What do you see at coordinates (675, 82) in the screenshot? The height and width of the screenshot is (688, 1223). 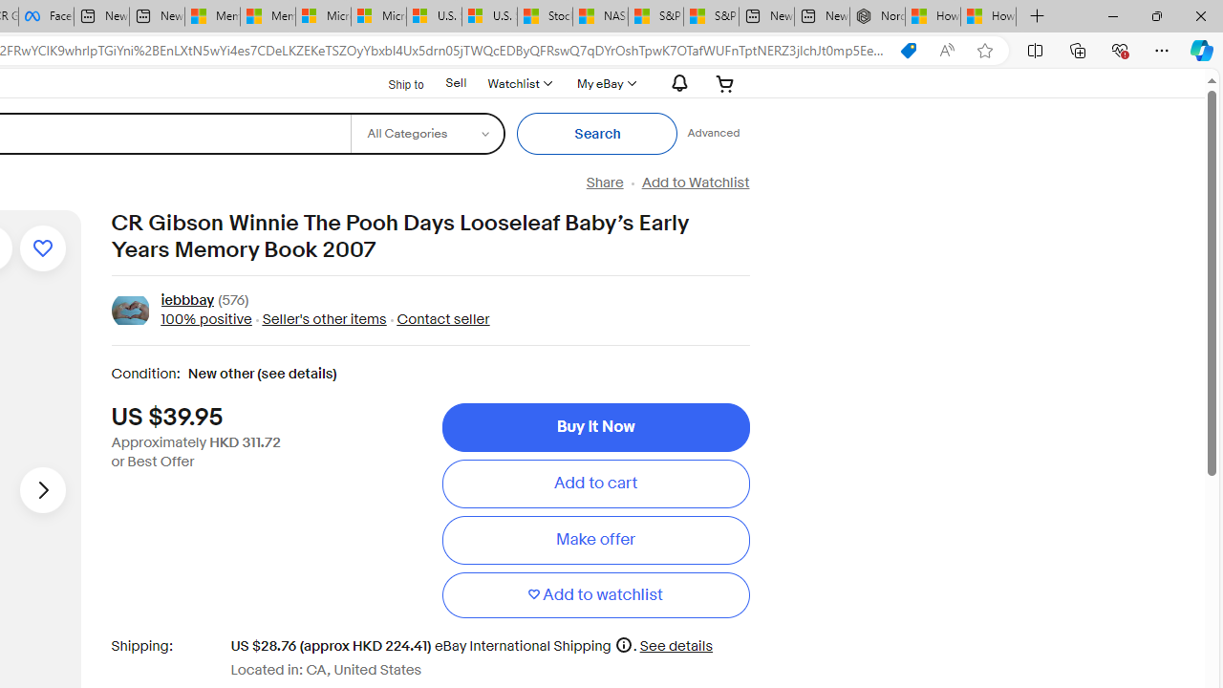 I see `'Notifications'` at bounding box center [675, 82].